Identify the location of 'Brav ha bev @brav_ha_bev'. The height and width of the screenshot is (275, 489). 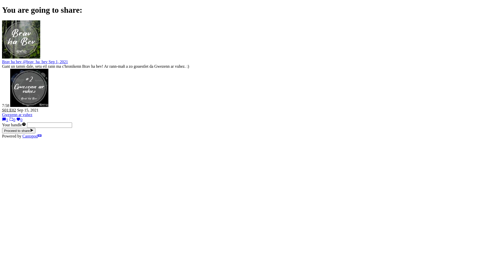
(25, 61).